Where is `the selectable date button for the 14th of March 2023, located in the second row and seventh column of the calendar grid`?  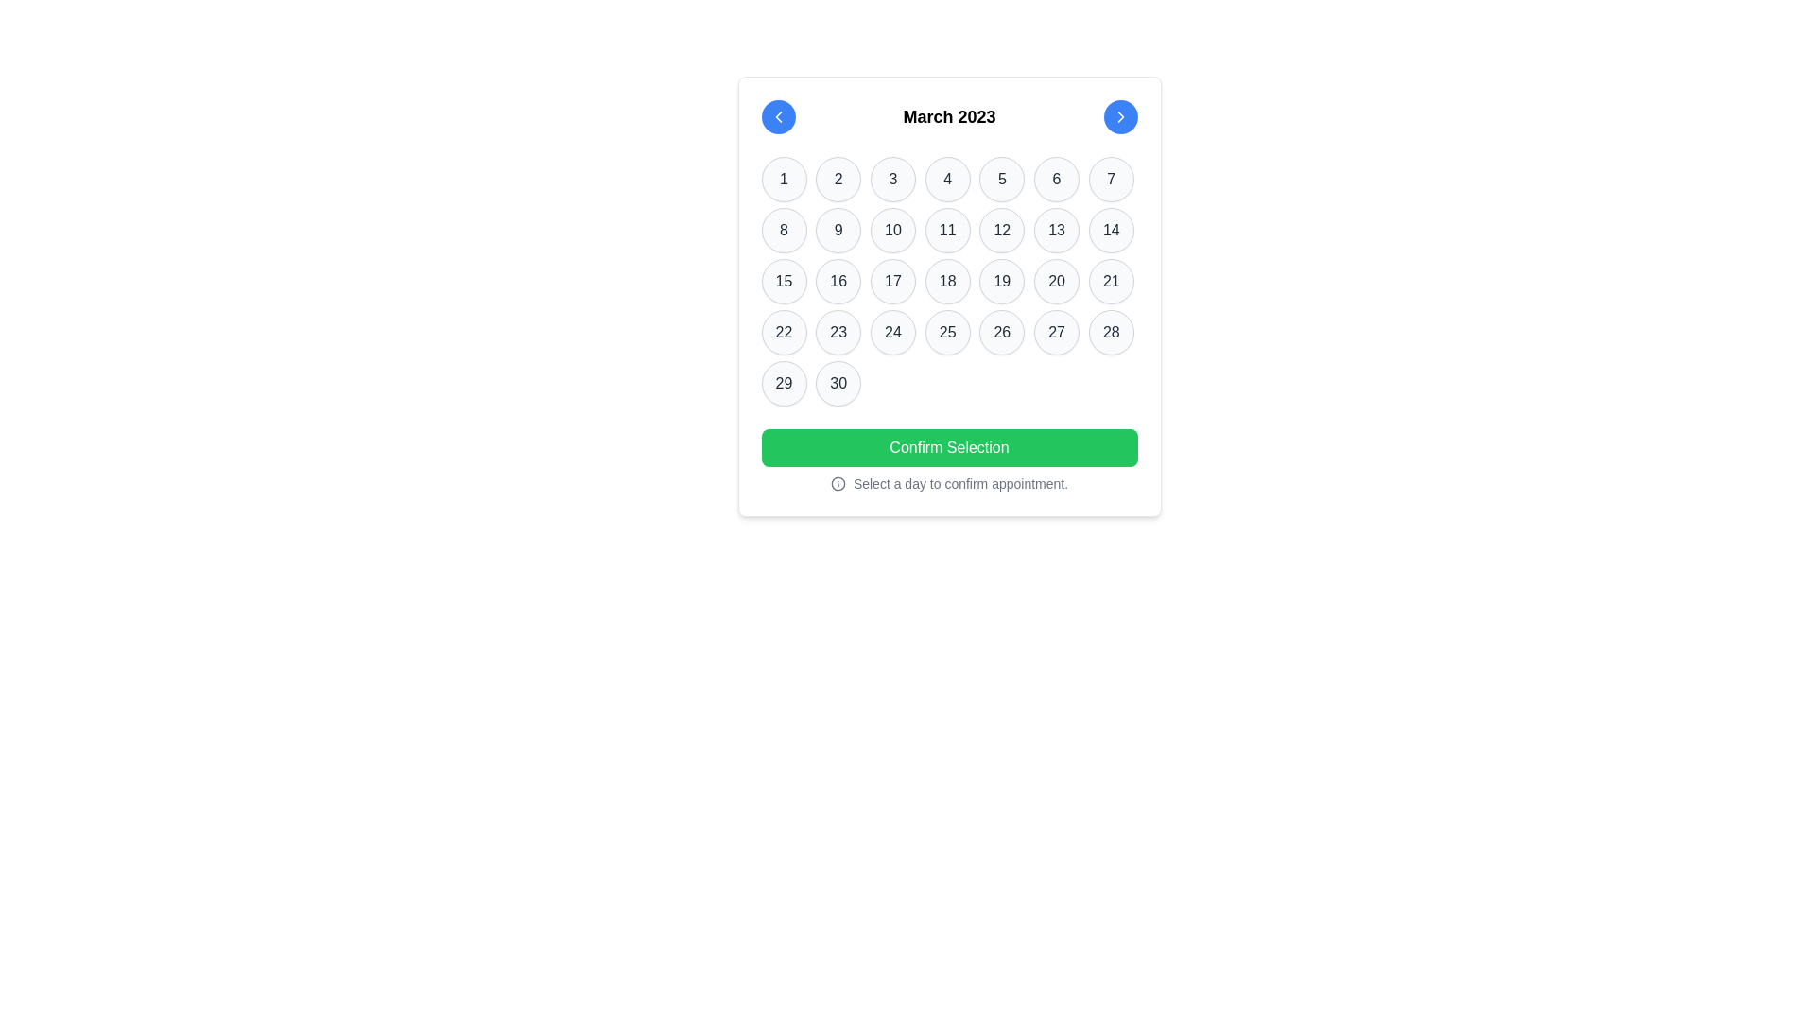
the selectable date button for the 14th of March 2023, located in the second row and seventh column of the calendar grid is located at coordinates (1111, 229).